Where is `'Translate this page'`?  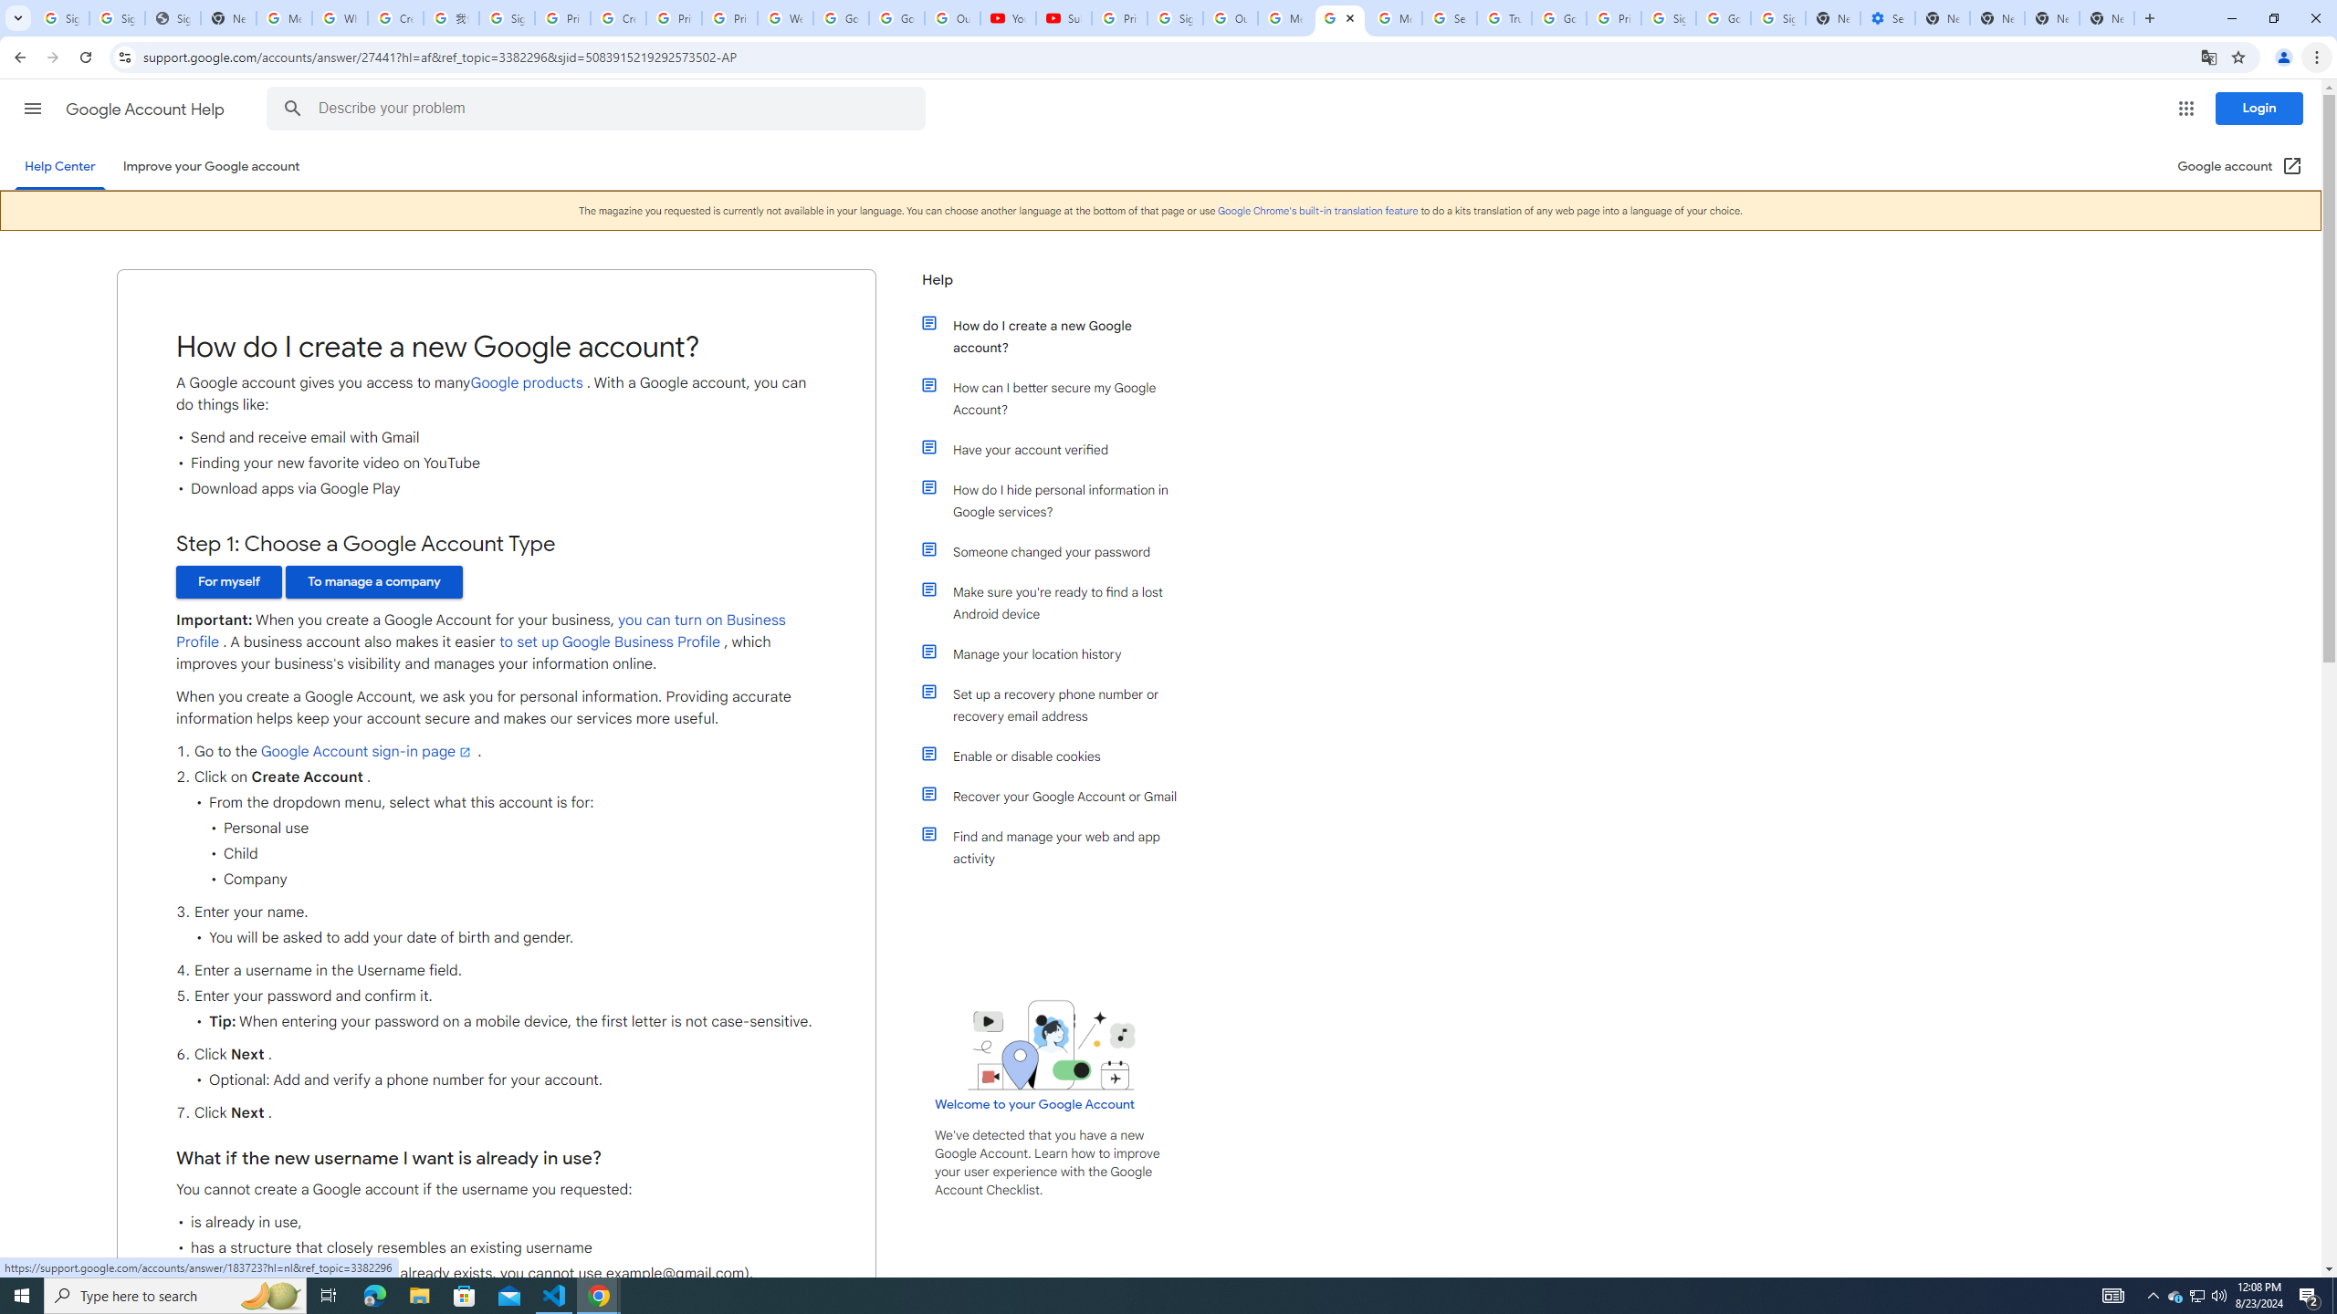
'Translate this page' is located at coordinates (2209, 56).